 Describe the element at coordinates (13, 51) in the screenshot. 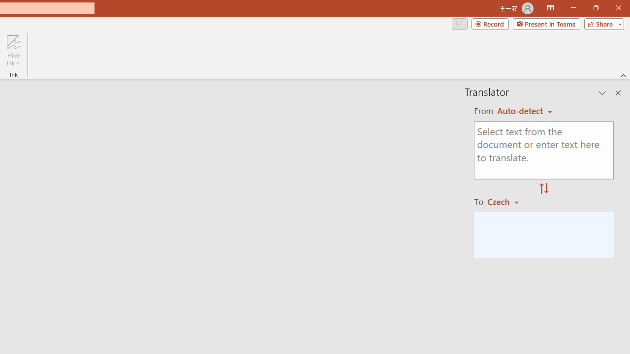

I see `'Hide Ink'` at that location.